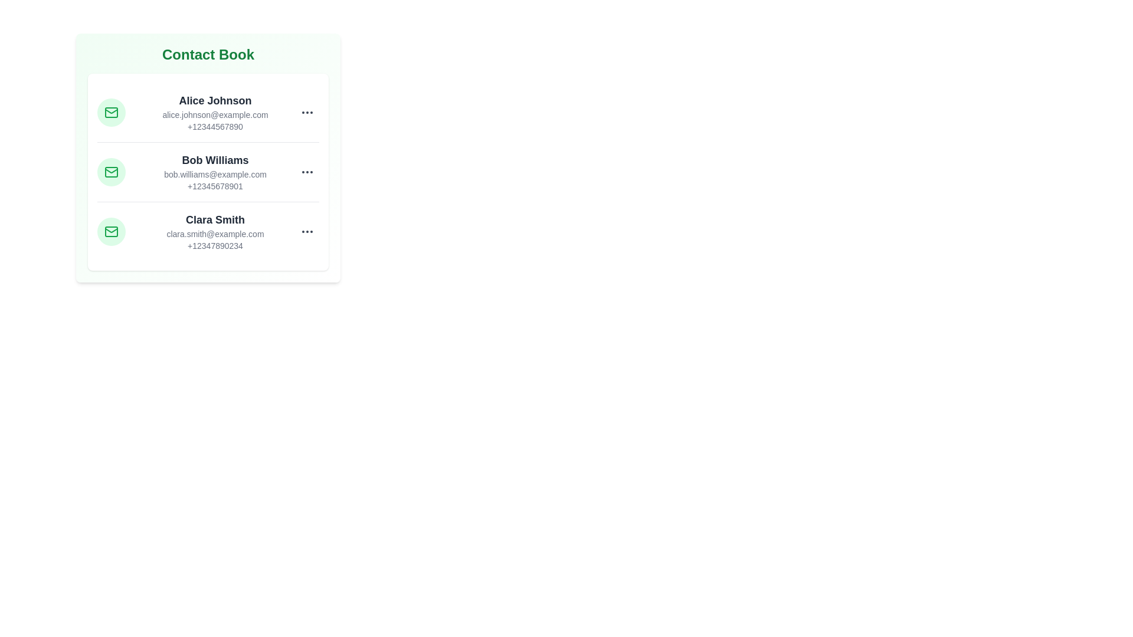 The height and width of the screenshot is (637, 1133). I want to click on mail icon for the contact Clara Smith to highlight it, so click(111, 232).